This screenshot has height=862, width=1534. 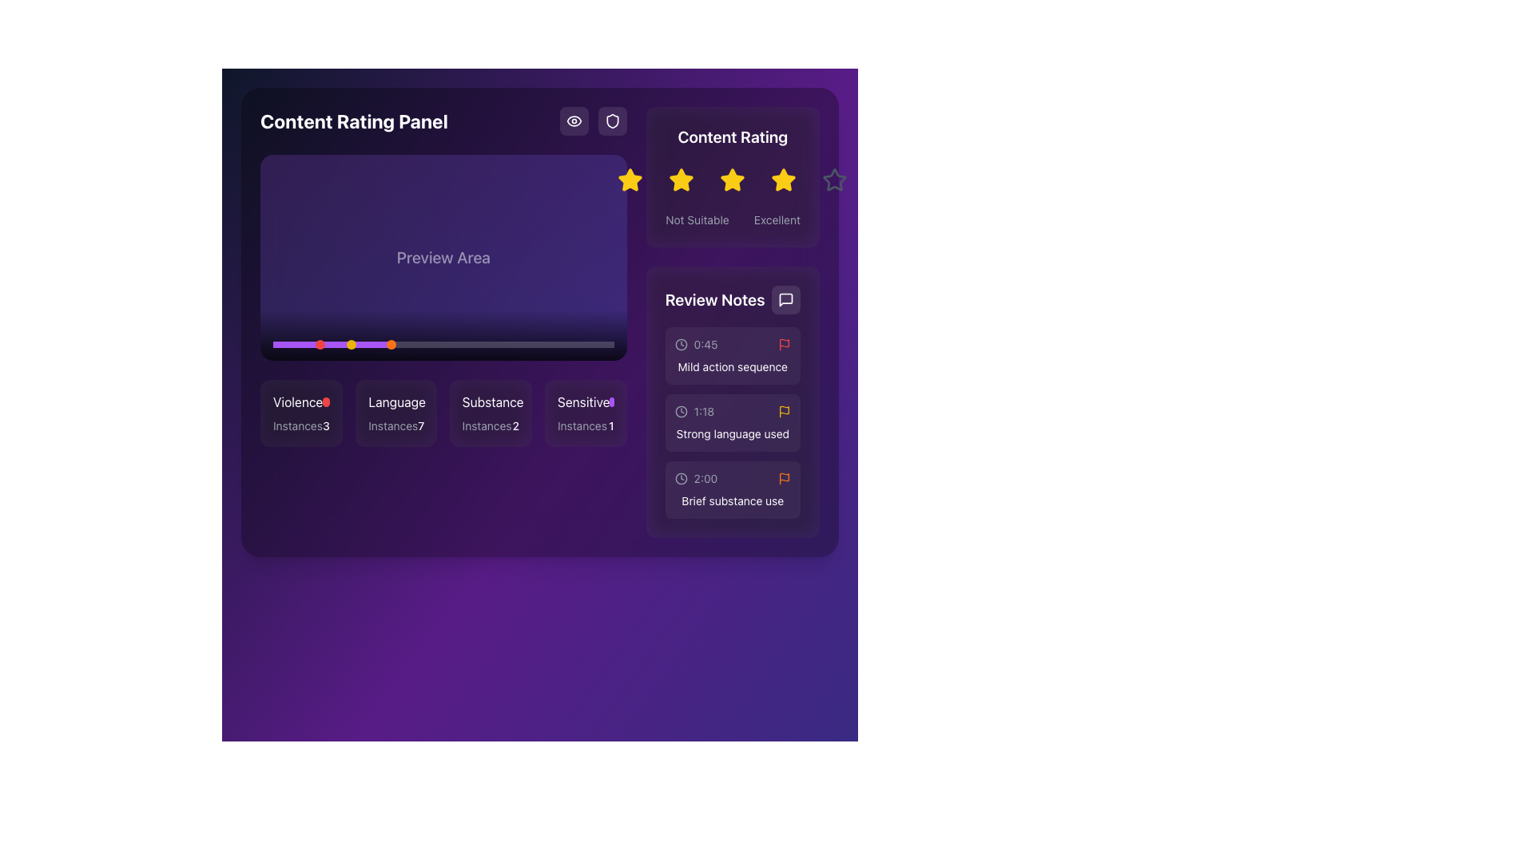 What do you see at coordinates (785, 299) in the screenshot?
I see `the interactive button located to the right of the 'Review Notes' section` at bounding box center [785, 299].